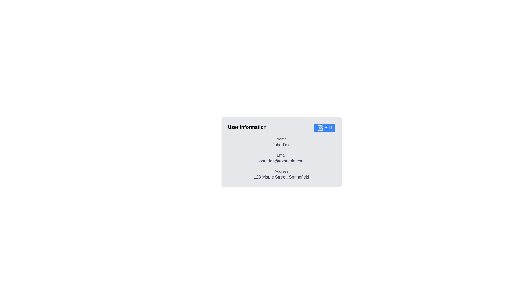 This screenshot has height=290, width=515. What do you see at coordinates (281, 145) in the screenshot?
I see `the static text element displaying 'John Doe' in bold, dark gray font, located in the 'User Information' card below the label 'Name'` at bounding box center [281, 145].